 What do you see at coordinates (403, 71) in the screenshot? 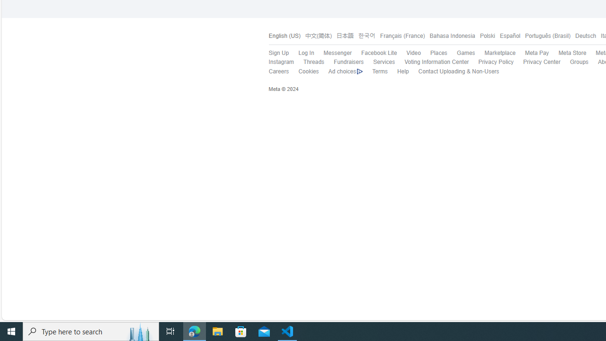
I see `'Help'` at bounding box center [403, 71].